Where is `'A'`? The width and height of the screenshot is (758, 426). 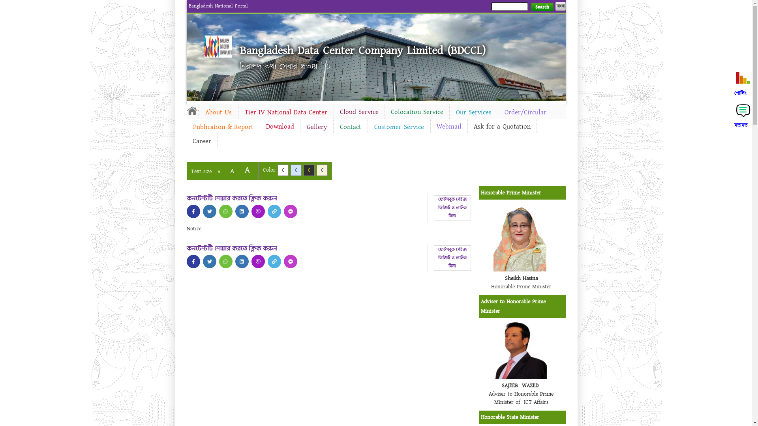
'A' is located at coordinates (246, 170).